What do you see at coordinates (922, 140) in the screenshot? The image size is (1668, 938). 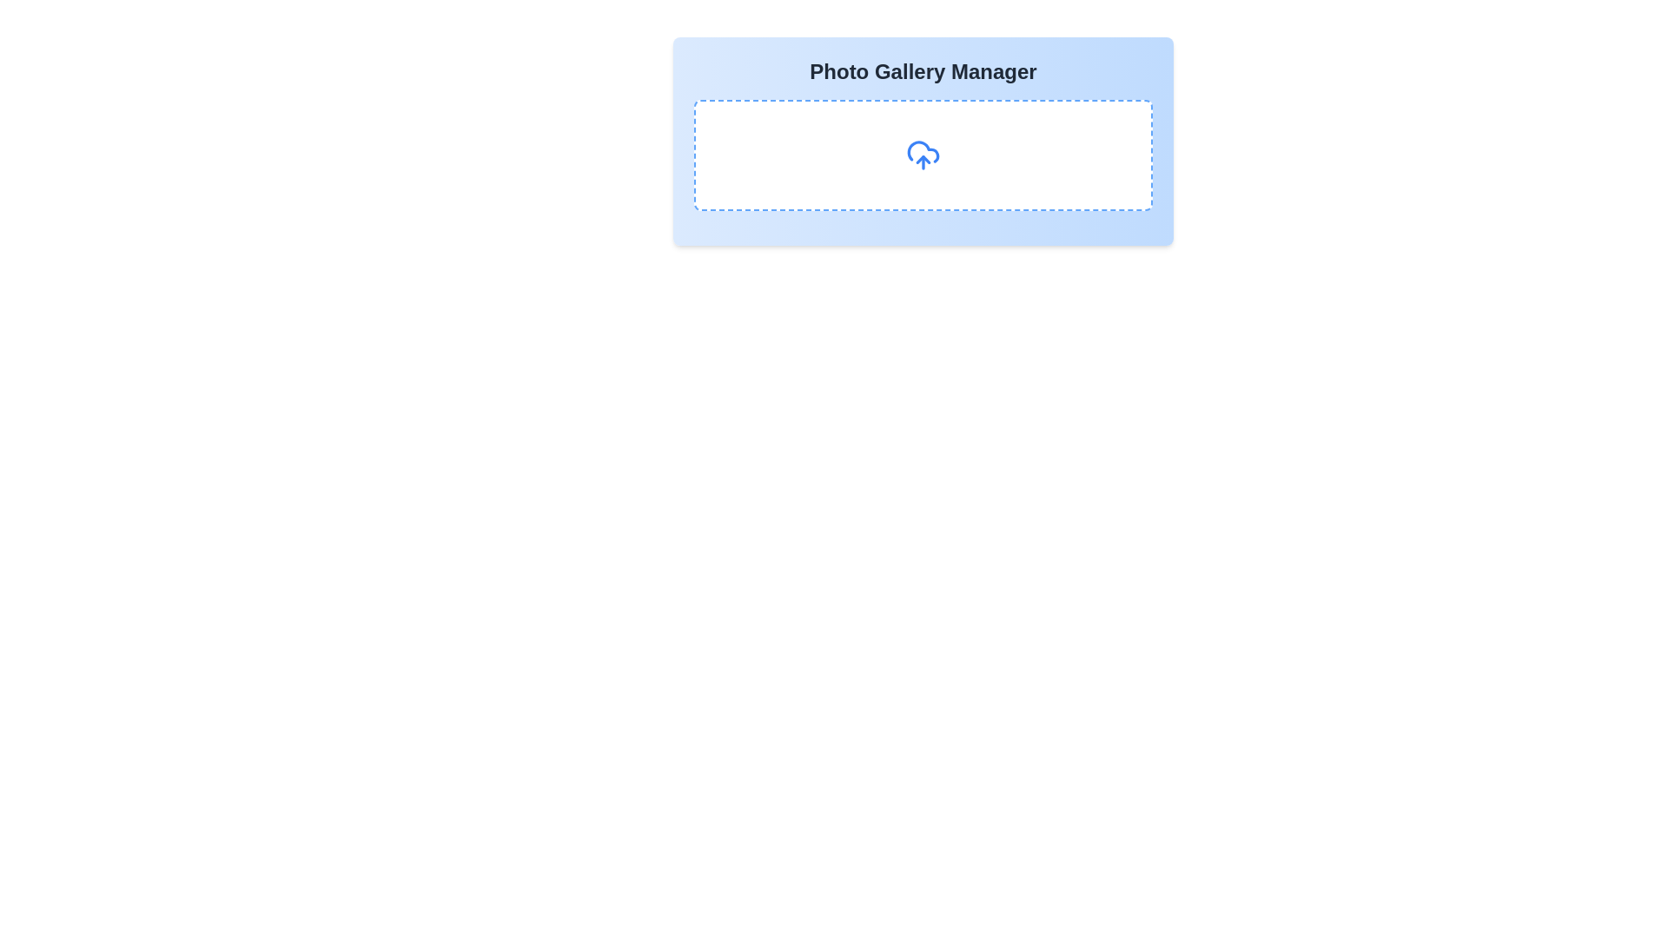 I see `the Informational banner titled 'Photo Gallery Manager' which features a gradient blue background and a dashed border with an upward arrow icon` at bounding box center [922, 140].